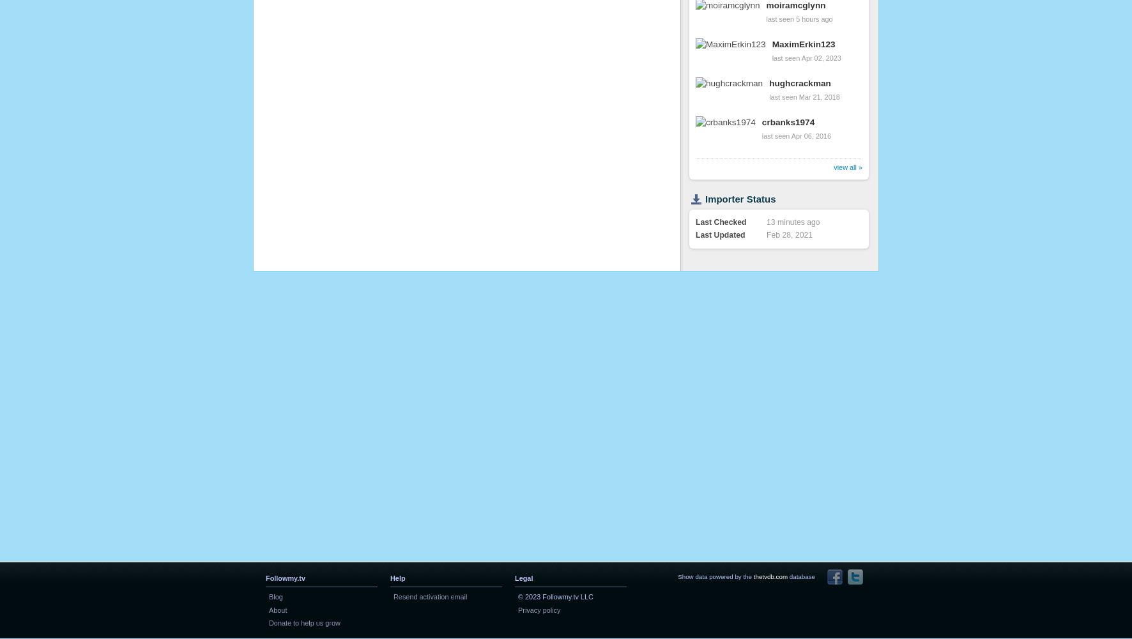 The width and height of the screenshot is (1132, 639). What do you see at coordinates (269, 597) in the screenshot?
I see `'Blog'` at bounding box center [269, 597].